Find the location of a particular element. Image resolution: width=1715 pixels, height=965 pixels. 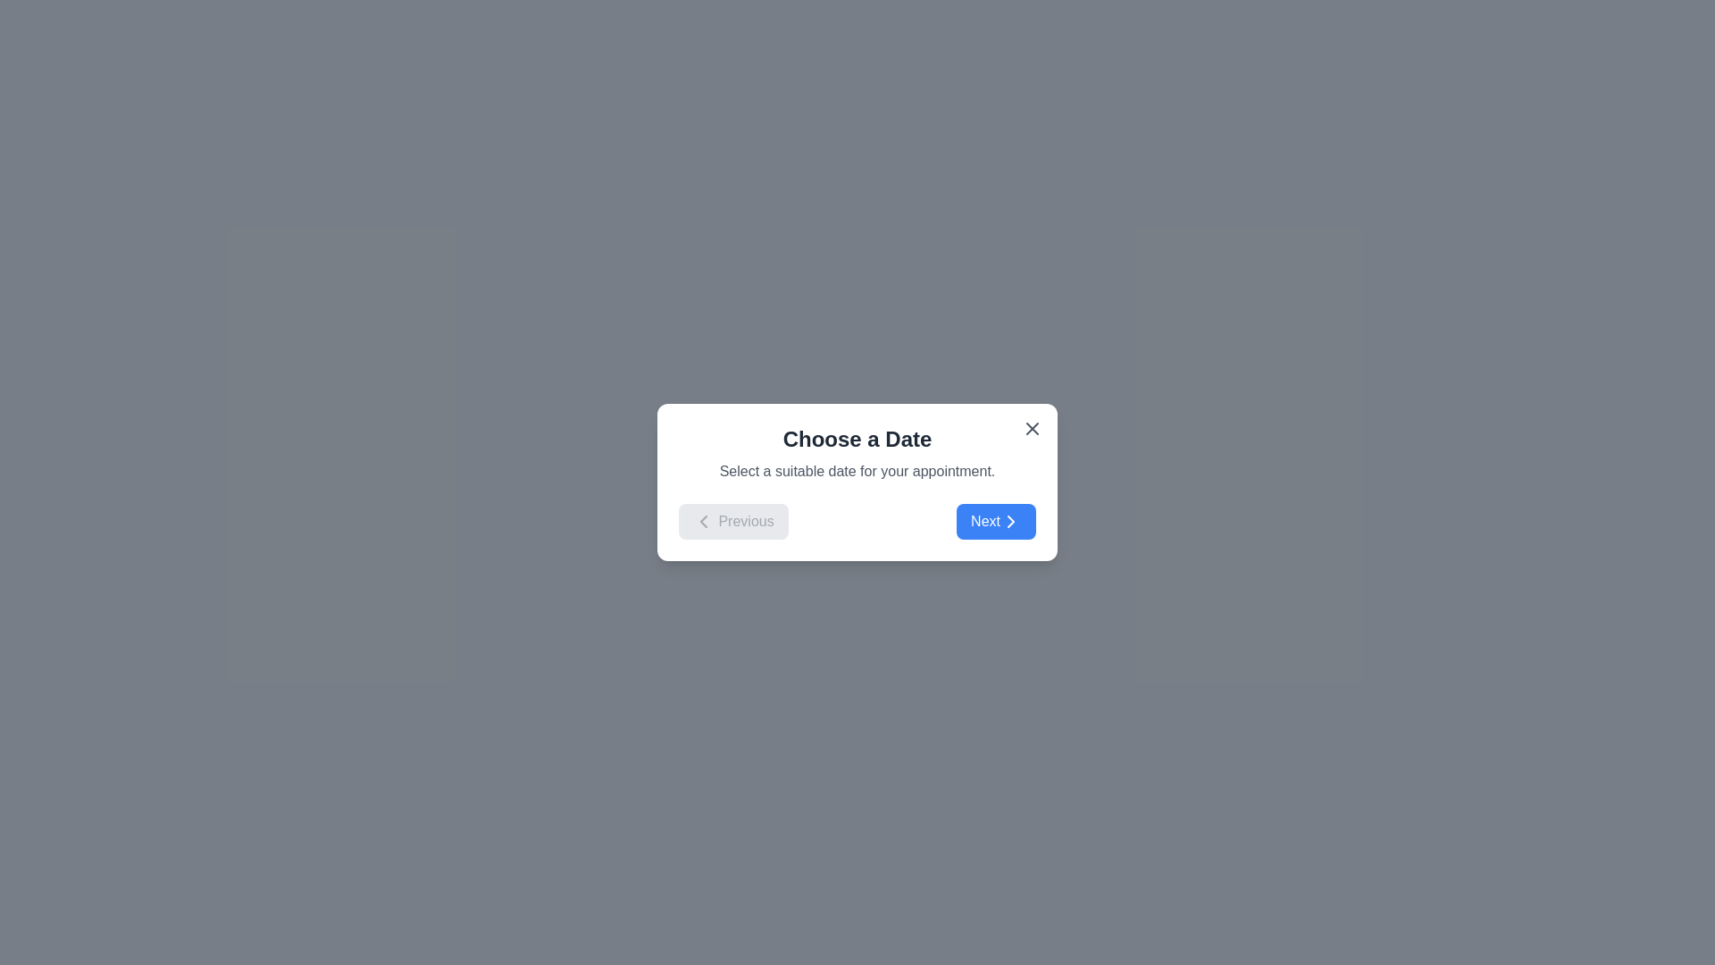

the chevron-shaped vector icon pointing to the right, which is part of the 'Next' button in the bottom-right corner of the 'Choose a Date' dialog box is located at coordinates (1011, 521).